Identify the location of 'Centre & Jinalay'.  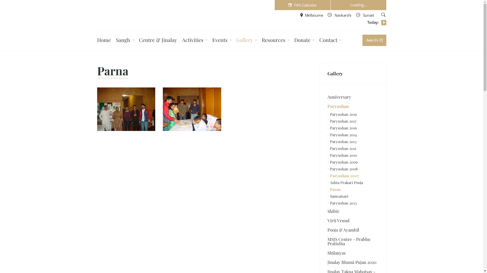
(139, 40).